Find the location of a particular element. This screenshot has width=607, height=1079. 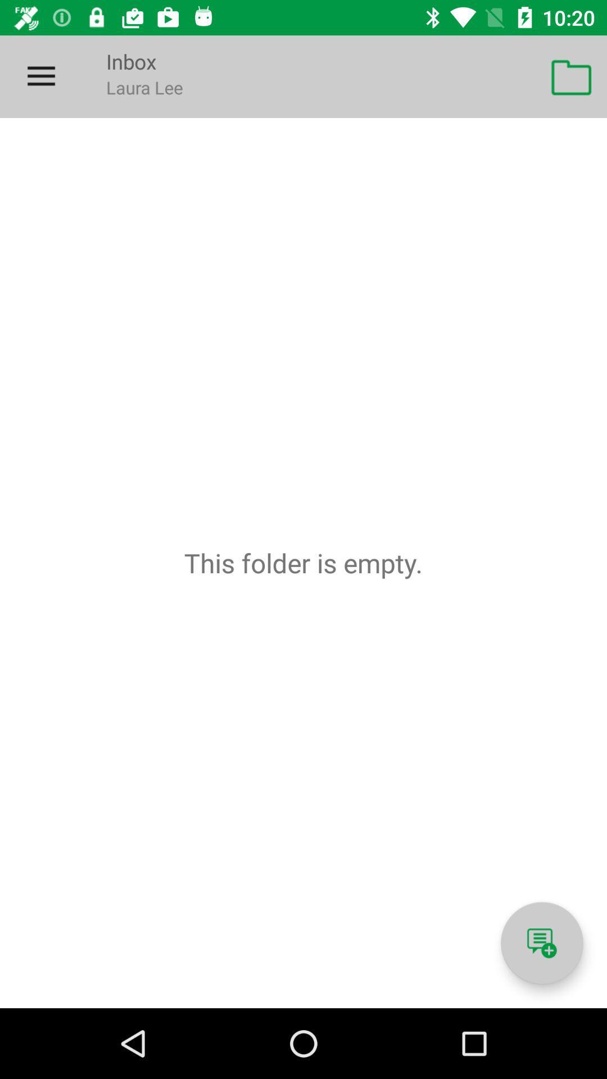

the chat icon is located at coordinates (541, 943).